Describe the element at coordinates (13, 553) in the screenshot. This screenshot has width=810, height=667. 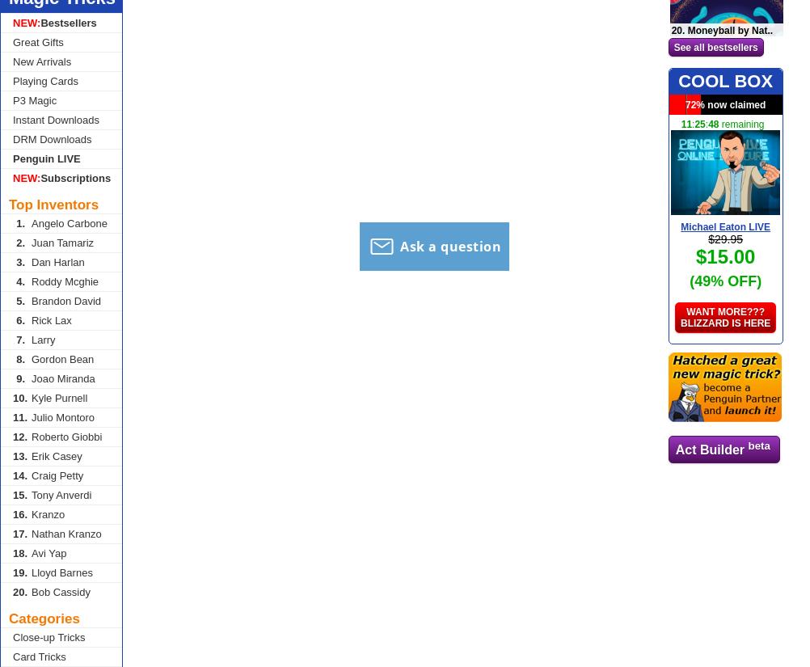
I see `'18.'` at that location.